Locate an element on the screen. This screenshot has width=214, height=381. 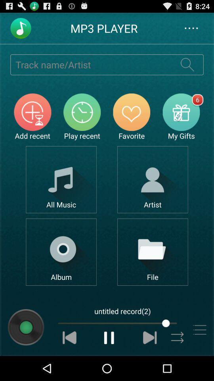
click here is located at coordinates (153, 179).